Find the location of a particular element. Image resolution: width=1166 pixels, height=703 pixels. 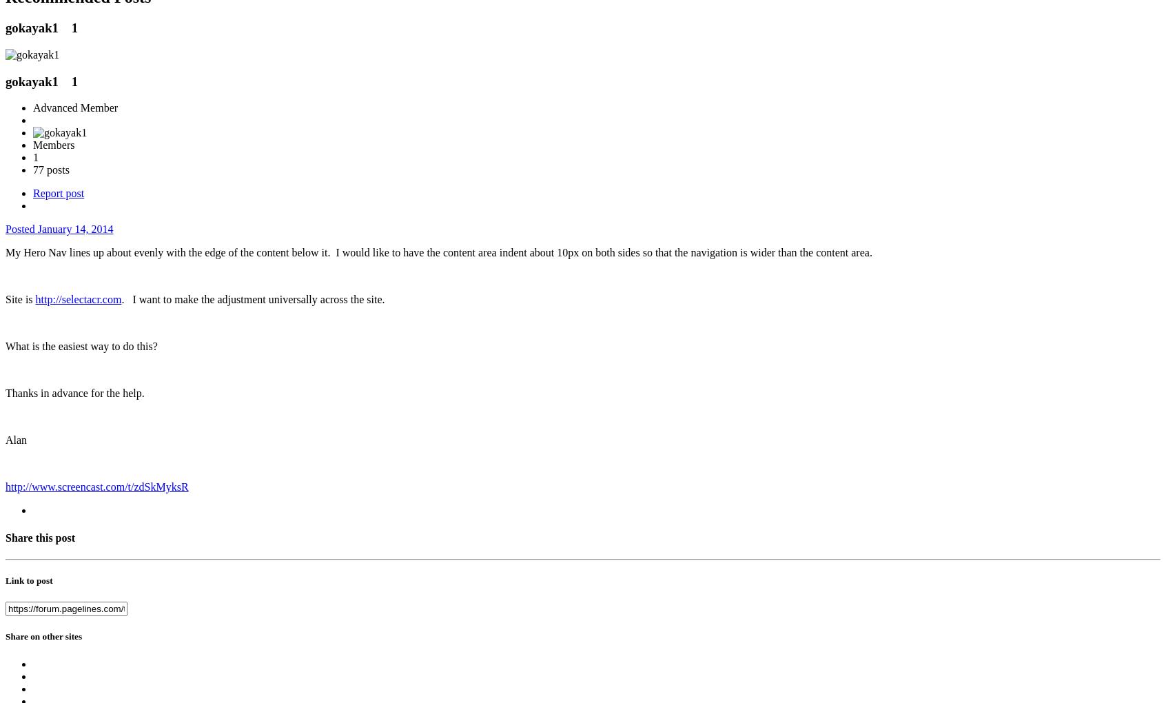

'What is the easiest way to do this?' is located at coordinates (81, 346).